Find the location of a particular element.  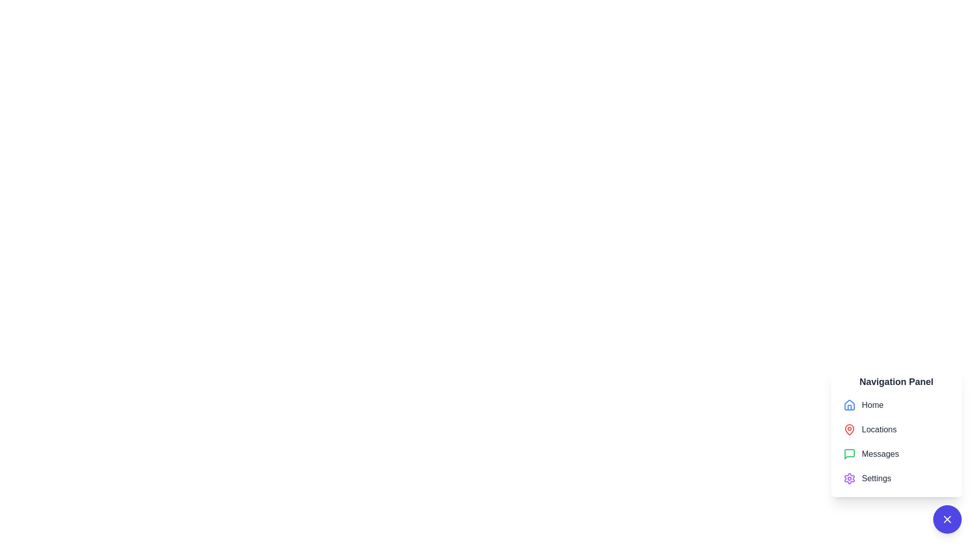

the 'X' shaped SVG element located in the bottom-right corner of the interface, which is centrally positioned within a purple circular button used for closing or dismissing an action is located at coordinates (947, 519).